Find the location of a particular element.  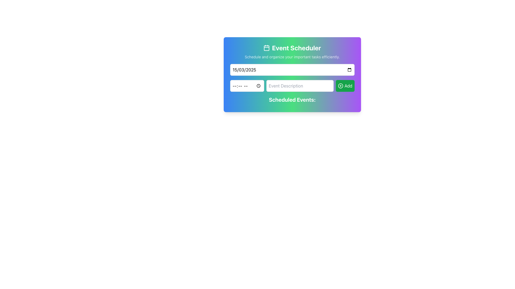

the Time input field to focus on it, which is the leftmost component in the group of three interactive elements for scheduling events is located at coordinates (247, 85).